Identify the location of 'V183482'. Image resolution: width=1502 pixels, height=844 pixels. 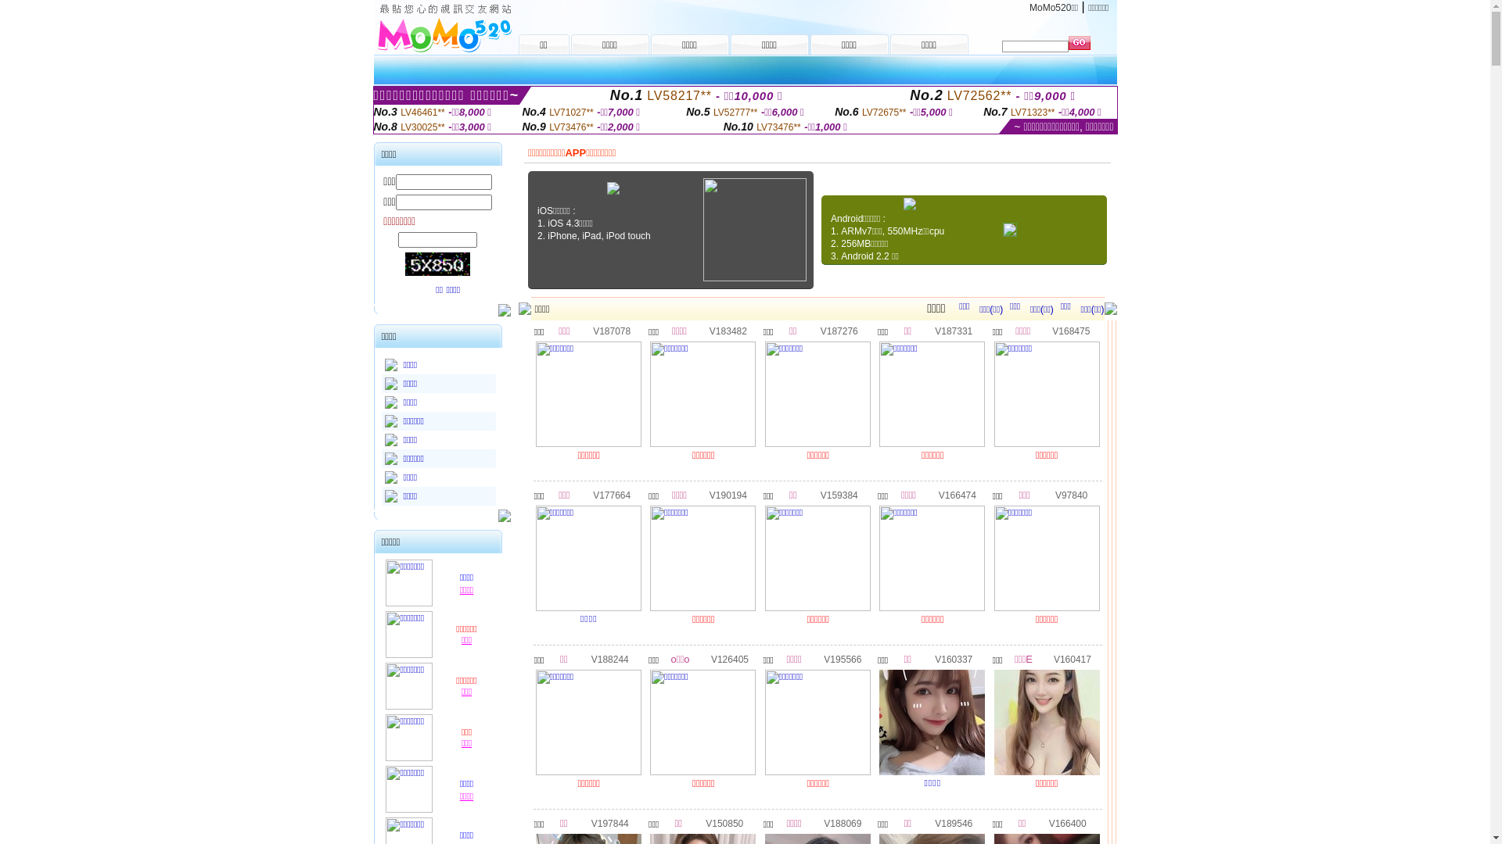
(728, 330).